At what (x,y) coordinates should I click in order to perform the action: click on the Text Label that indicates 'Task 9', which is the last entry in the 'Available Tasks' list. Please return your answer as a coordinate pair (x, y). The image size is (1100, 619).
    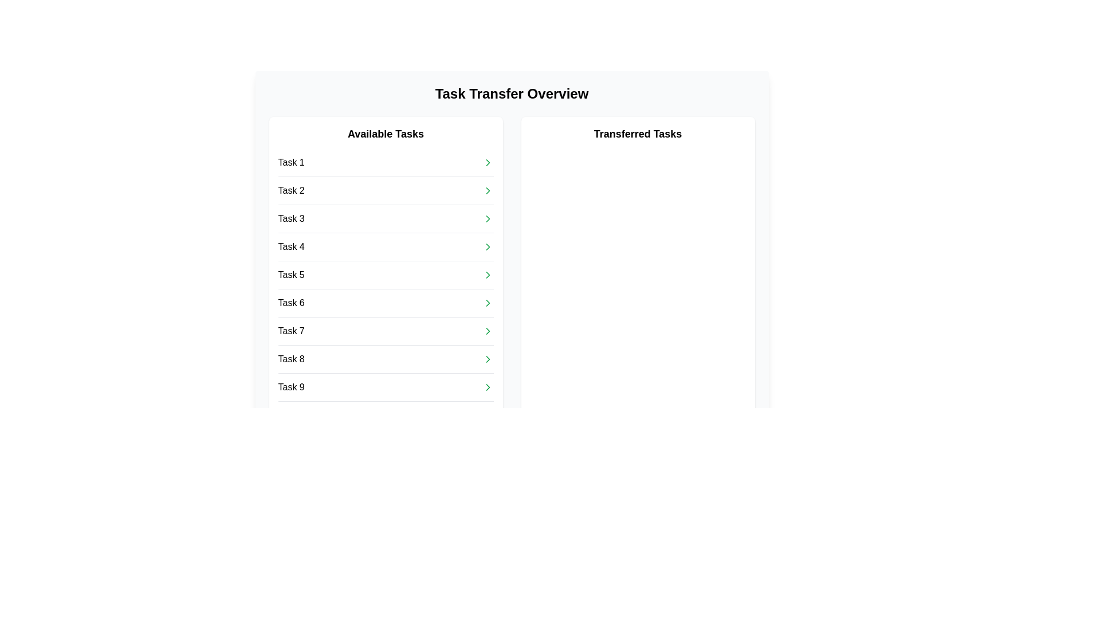
    Looking at the image, I should click on (291, 387).